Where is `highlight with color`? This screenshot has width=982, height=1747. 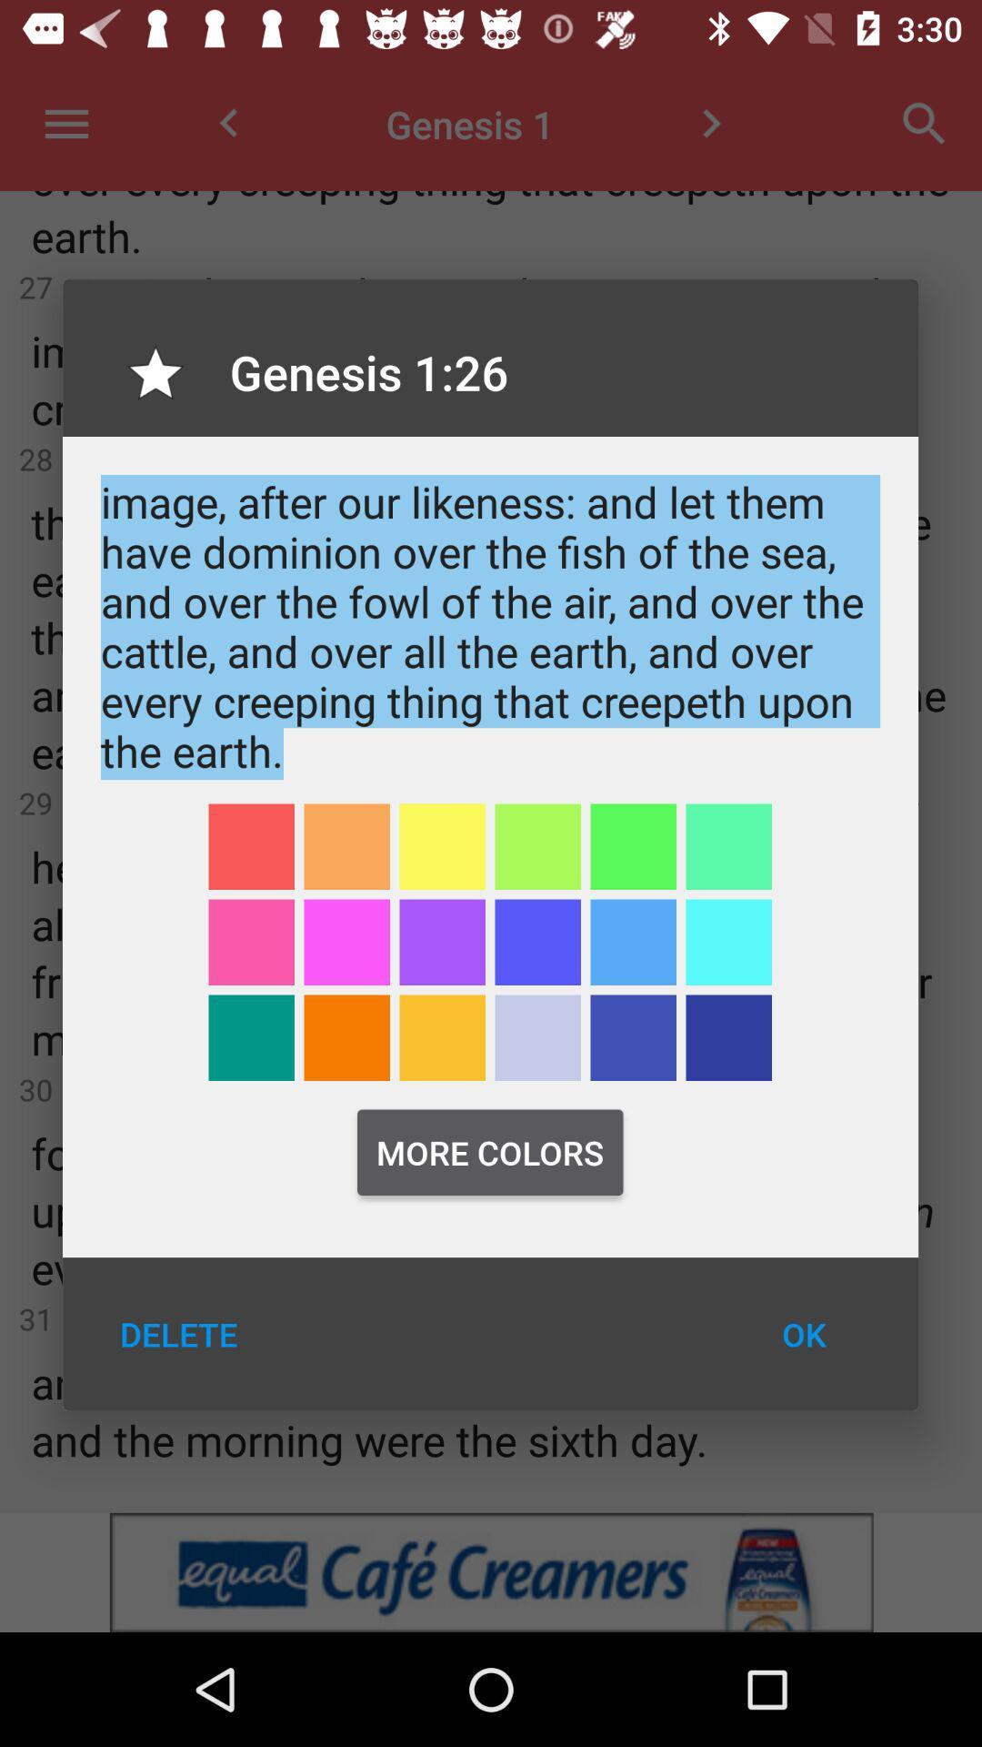
highlight with color is located at coordinates (346, 942).